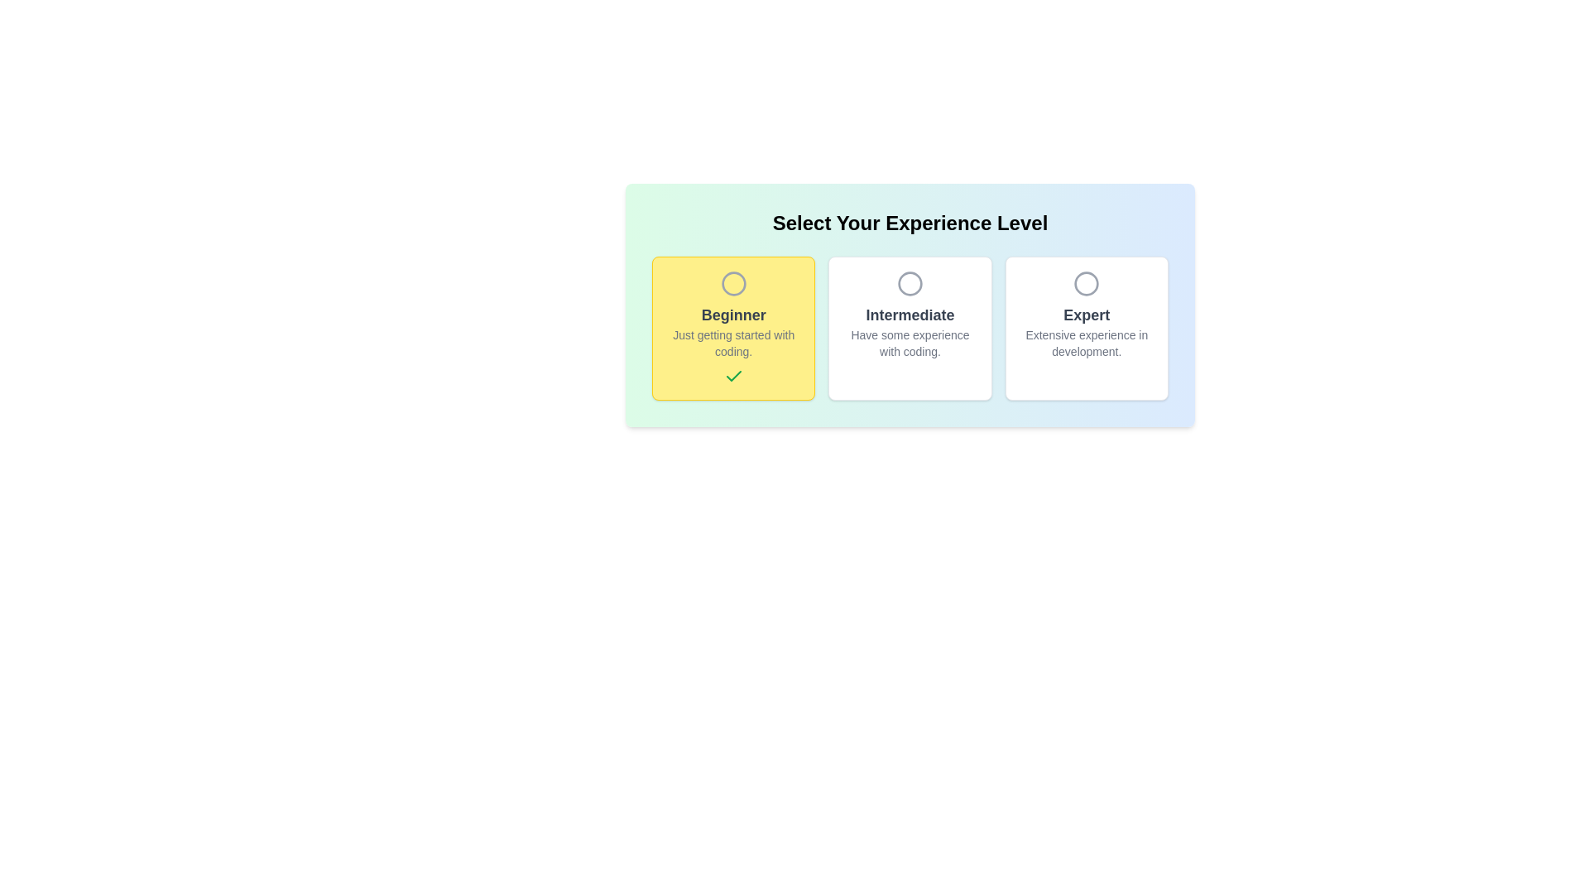 This screenshot has width=1589, height=894. Describe the element at coordinates (732, 283) in the screenshot. I see `the circular icon with a diameter of 20 pixels, which is part of the 'Beginner' selection panel with a yellow background and bold black text, located at the top-left corner of the panel` at that location.